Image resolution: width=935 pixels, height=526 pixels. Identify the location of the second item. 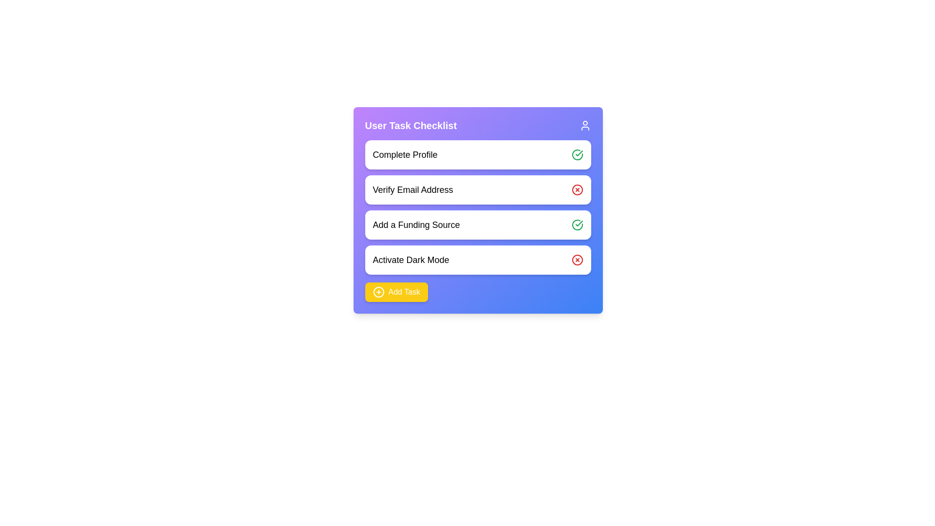
(478, 189).